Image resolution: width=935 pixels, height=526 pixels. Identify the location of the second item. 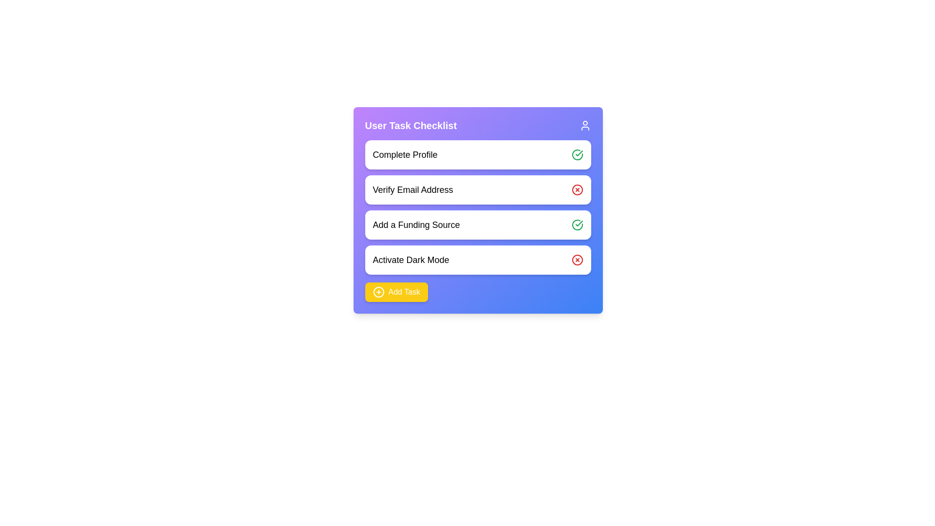
(478, 189).